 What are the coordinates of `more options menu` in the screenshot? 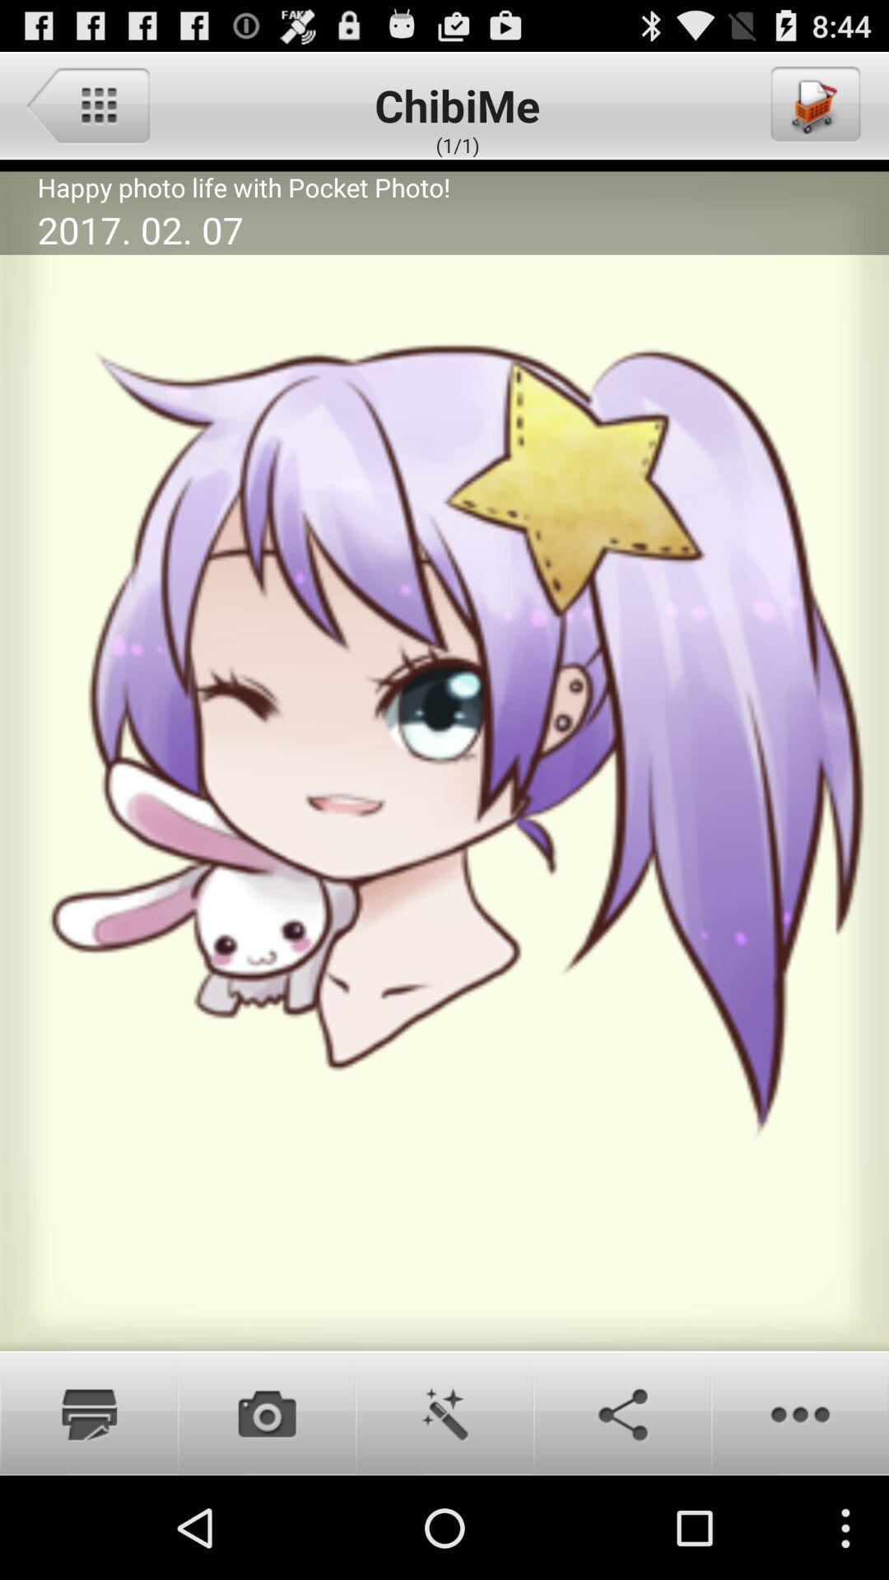 It's located at (799, 1412).